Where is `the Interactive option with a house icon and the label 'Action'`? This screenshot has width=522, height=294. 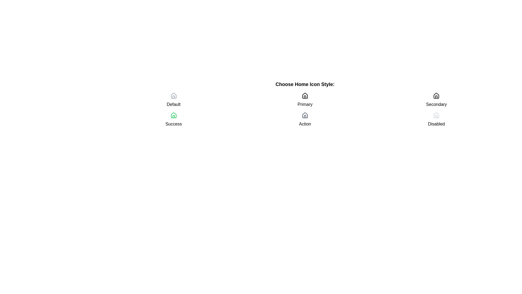 the Interactive option with a house icon and the label 'Action' is located at coordinates (305, 119).